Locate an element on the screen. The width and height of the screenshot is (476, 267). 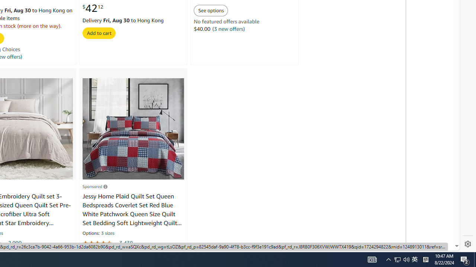
'View Sponsored information or leave ad feedback' is located at coordinates (94, 186).